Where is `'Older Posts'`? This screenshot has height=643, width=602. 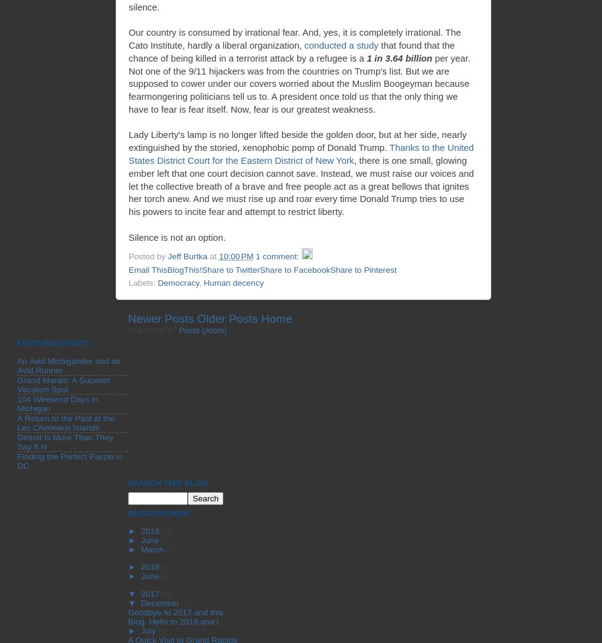
'Older Posts' is located at coordinates (227, 318).